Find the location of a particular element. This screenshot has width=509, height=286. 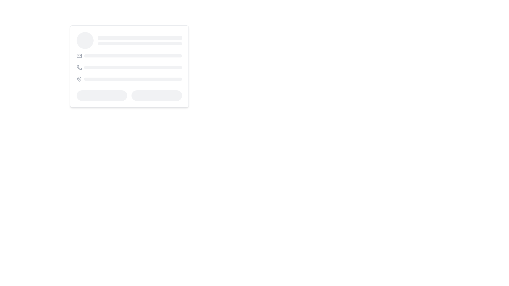

the lower part of the location pin icon, which is the third item in a vertical list of icons within a rectangular card-like interface is located at coordinates (79, 79).